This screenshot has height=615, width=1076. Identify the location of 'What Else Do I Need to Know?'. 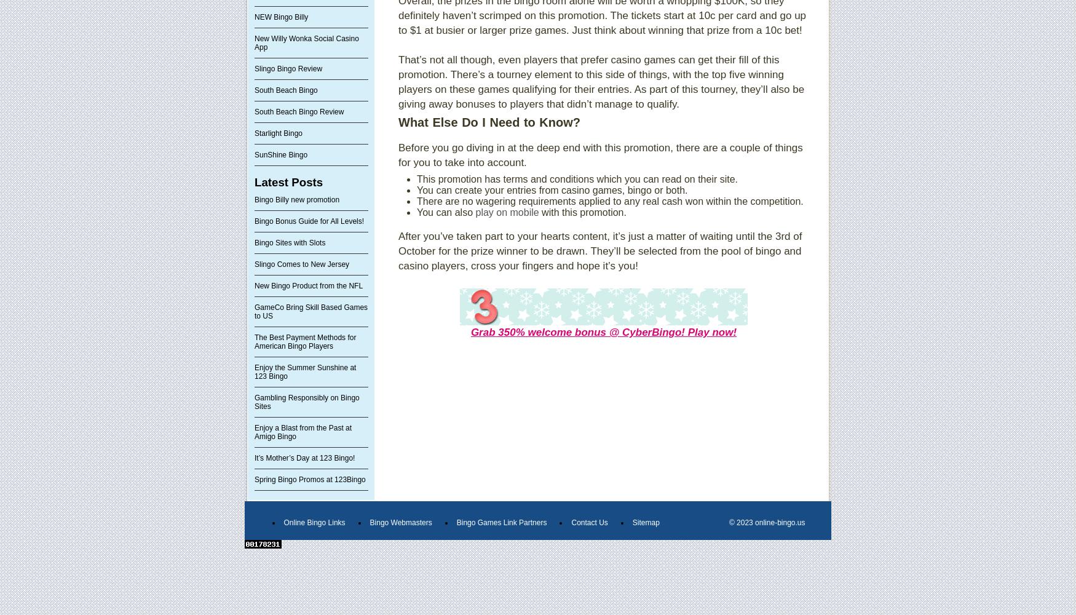
(489, 122).